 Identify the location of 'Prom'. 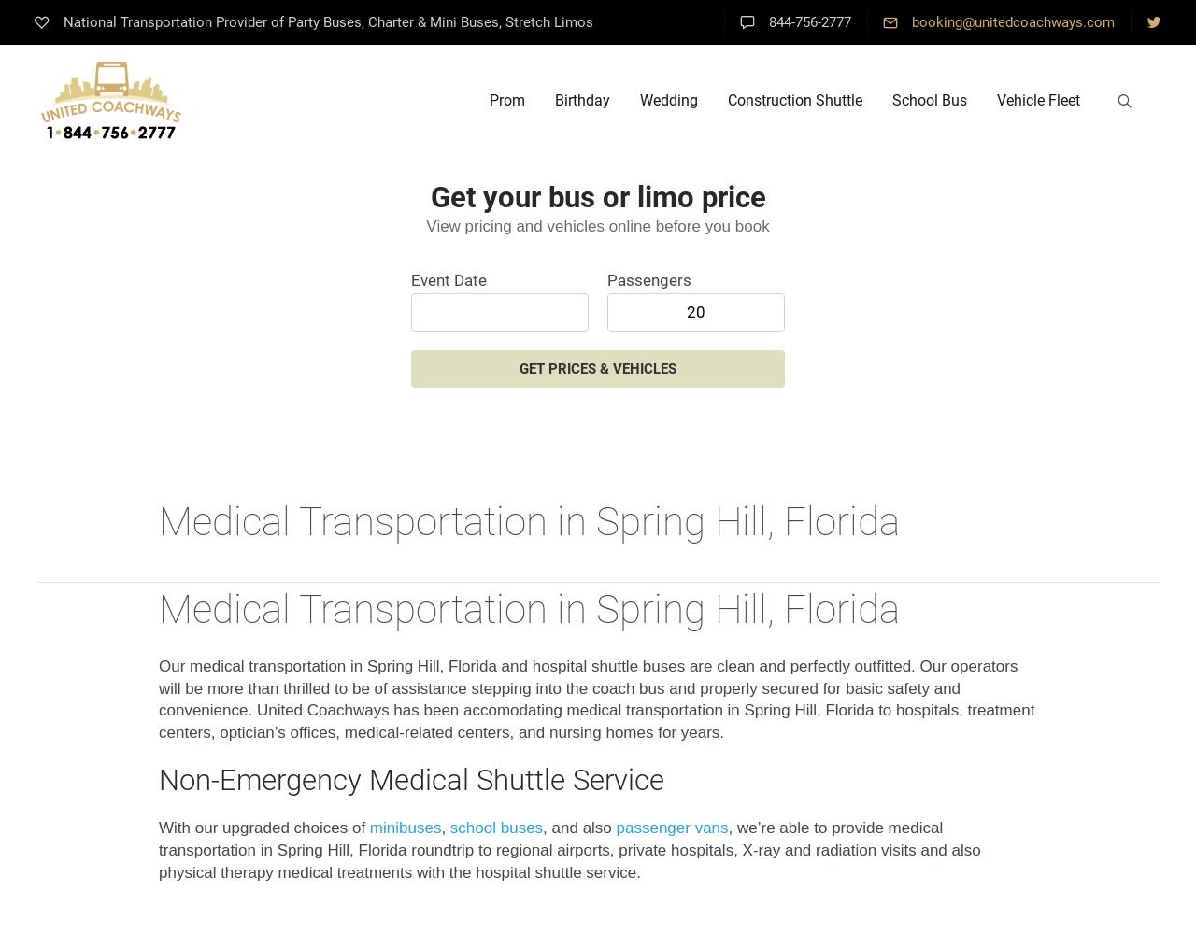
(506, 99).